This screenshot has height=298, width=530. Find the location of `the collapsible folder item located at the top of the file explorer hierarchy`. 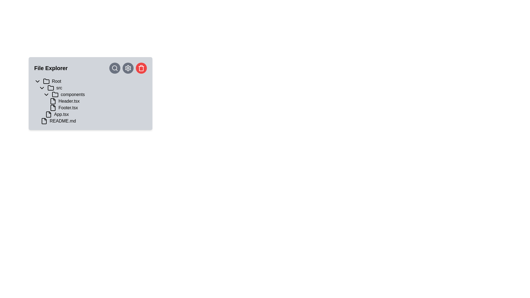

the collapsible folder item located at the top of the file explorer hierarchy is located at coordinates (90, 81).